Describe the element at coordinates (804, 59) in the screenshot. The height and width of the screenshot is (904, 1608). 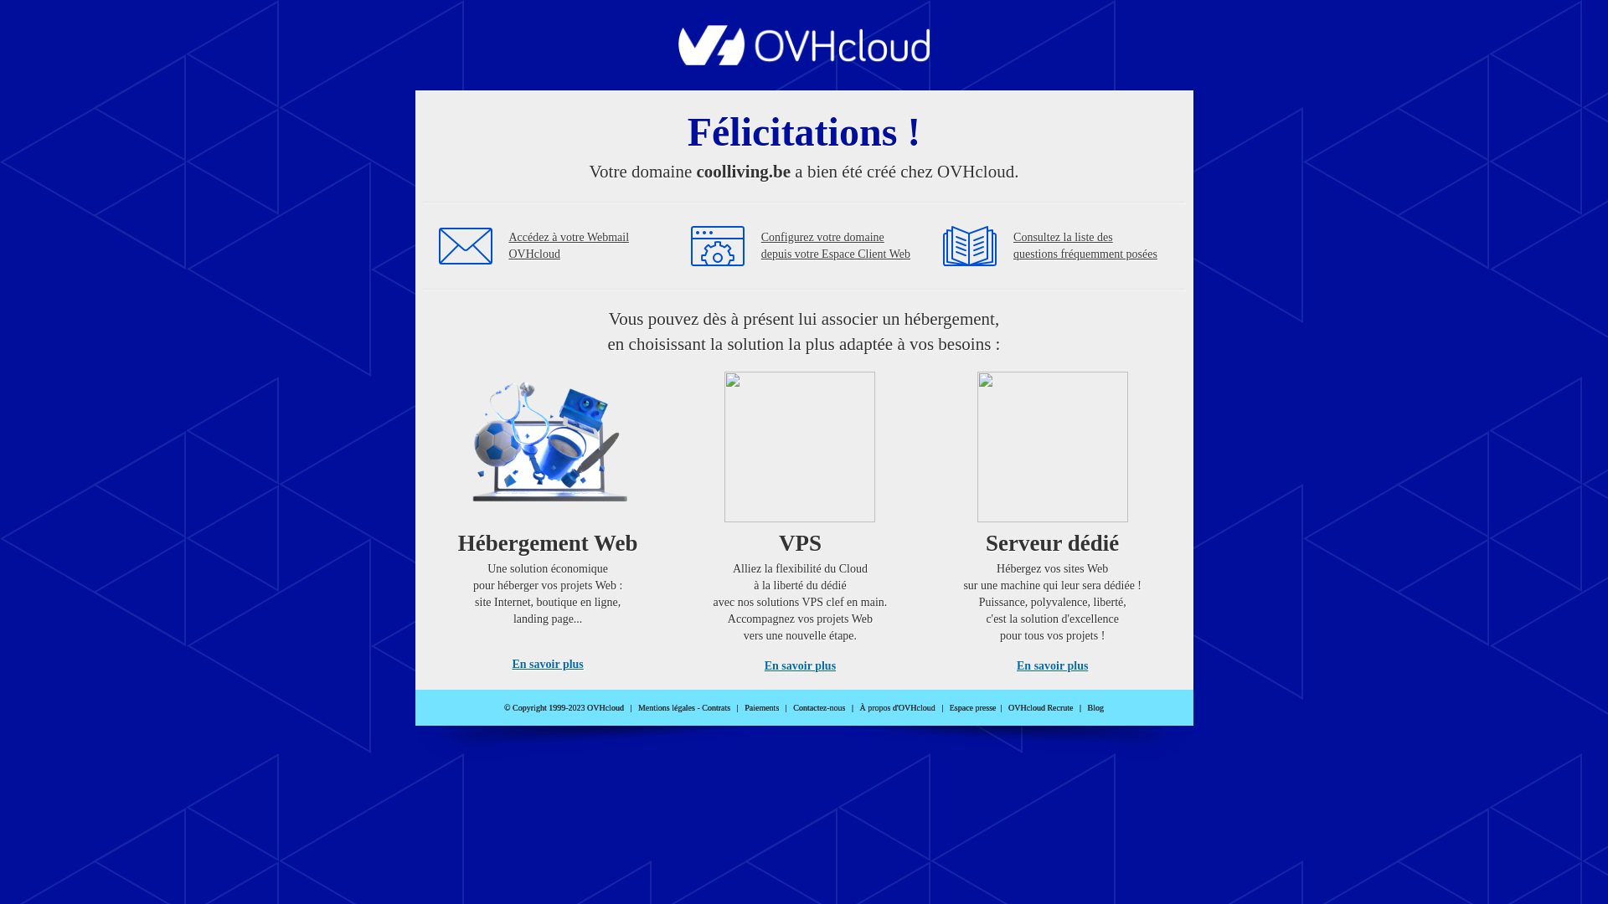
I see `'OVHcloud'` at that location.